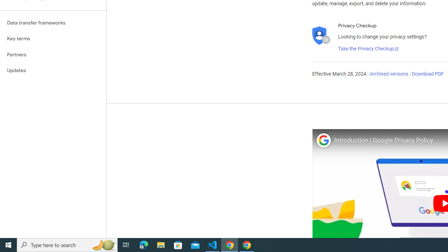 Image resolution: width=448 pixels, height=252 pixels. I want to click on 'Data transfer frameworks', so click(53, 22).